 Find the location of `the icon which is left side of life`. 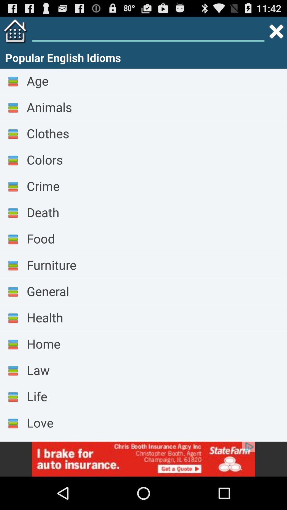

the icon which is left side of life is located at coordinates (13, 397).